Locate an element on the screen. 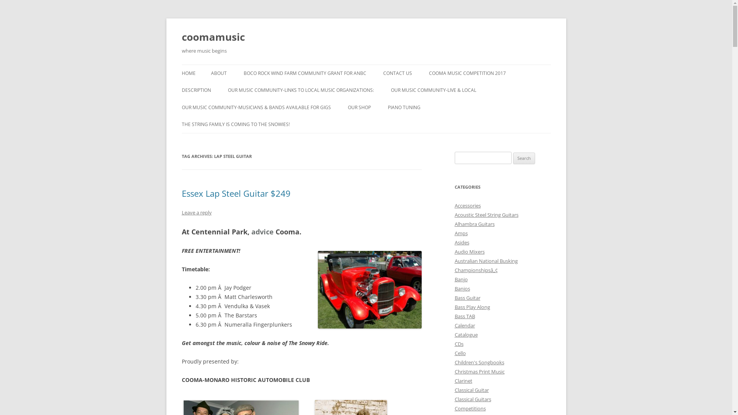  'OUR MUSIC COMMUNITY-MUSICIANS & BANDS AVAILABLE FOR GIGS' is located at coordinates (181, 108).